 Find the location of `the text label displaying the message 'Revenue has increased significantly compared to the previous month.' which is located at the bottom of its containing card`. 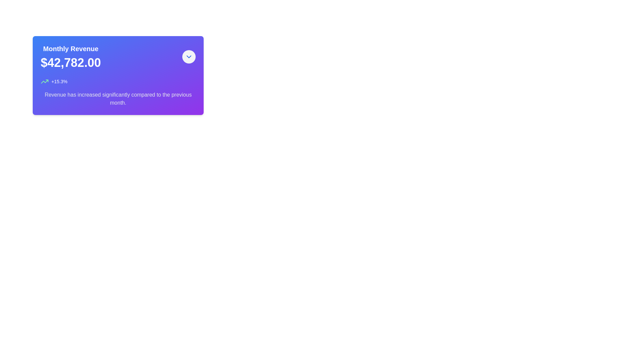

the text label displaying the message 'Revenue has increased significantly compared to the previous month.' which is located at the bottom of its containing card is located at coordinates (118, 99).